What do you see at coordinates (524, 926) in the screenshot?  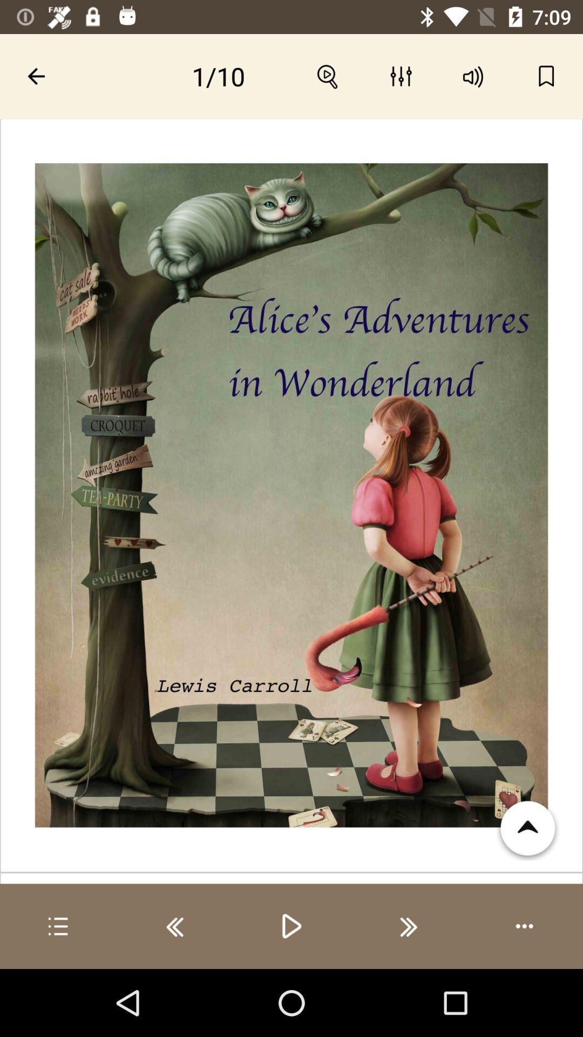 I see `switch autoplay option` at bounding box center [524, 926].